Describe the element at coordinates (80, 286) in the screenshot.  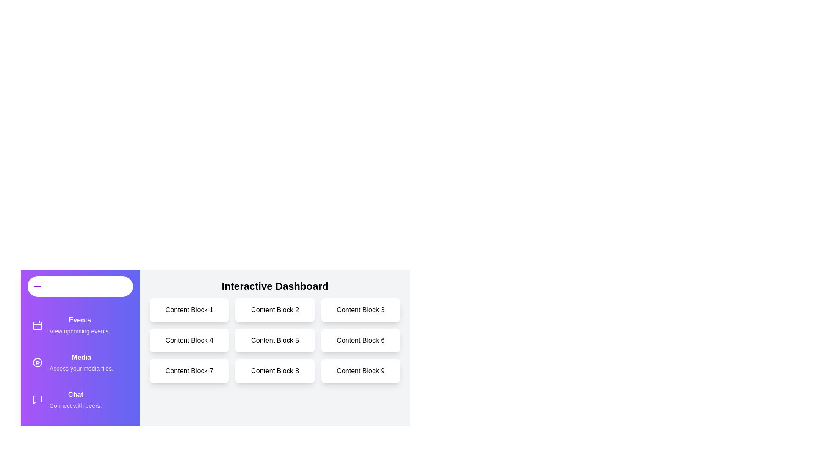
I see `menu button to toggle the drawer open or closed` at that location.